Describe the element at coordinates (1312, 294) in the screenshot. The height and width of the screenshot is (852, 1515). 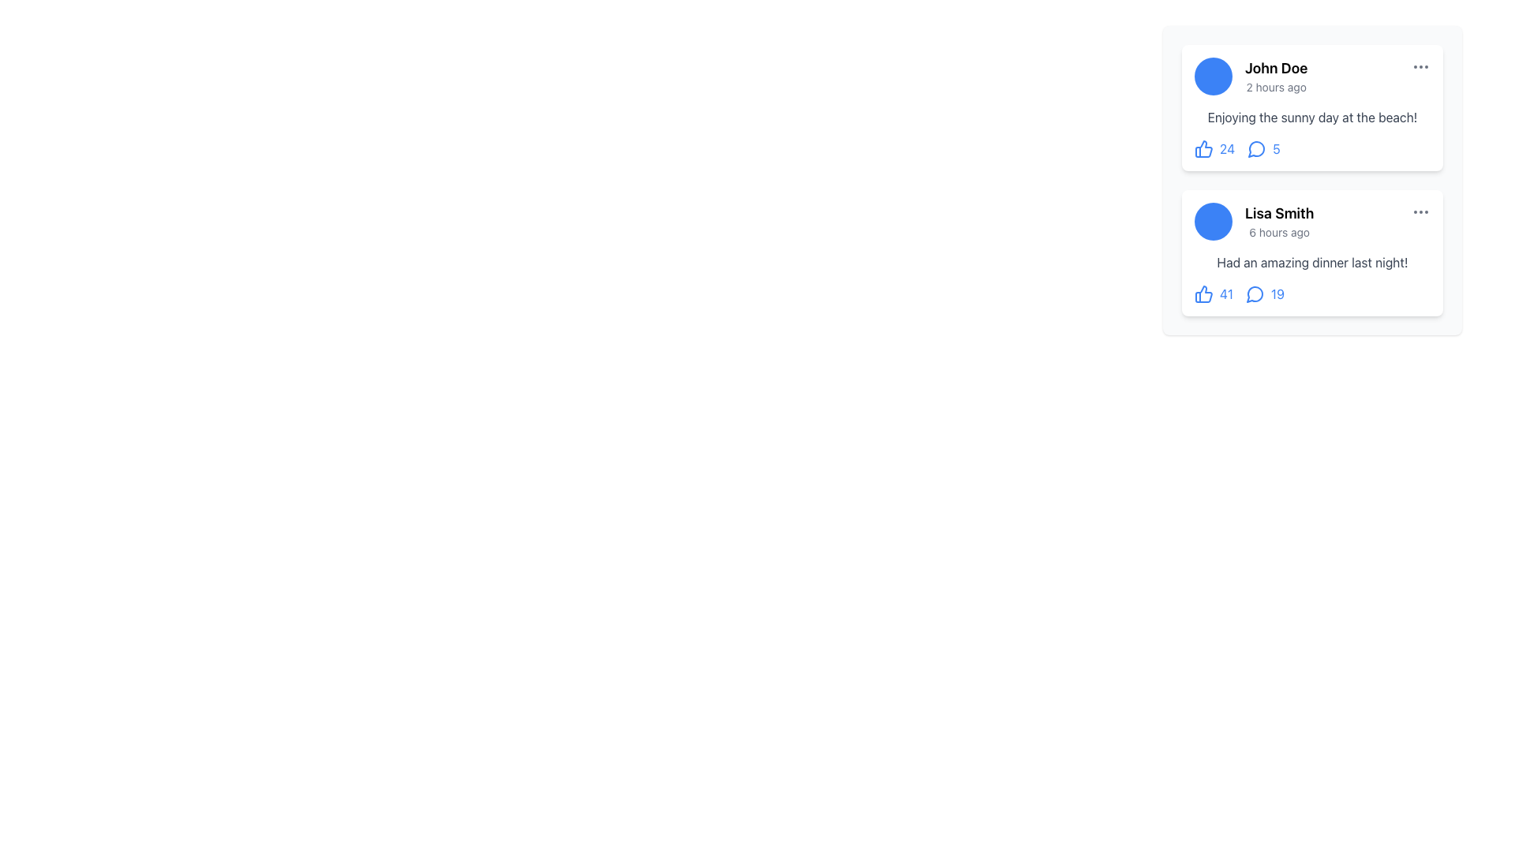
I see `the Interactive Statistic Display below the post authored by 'Lisa Smith'` at that location.